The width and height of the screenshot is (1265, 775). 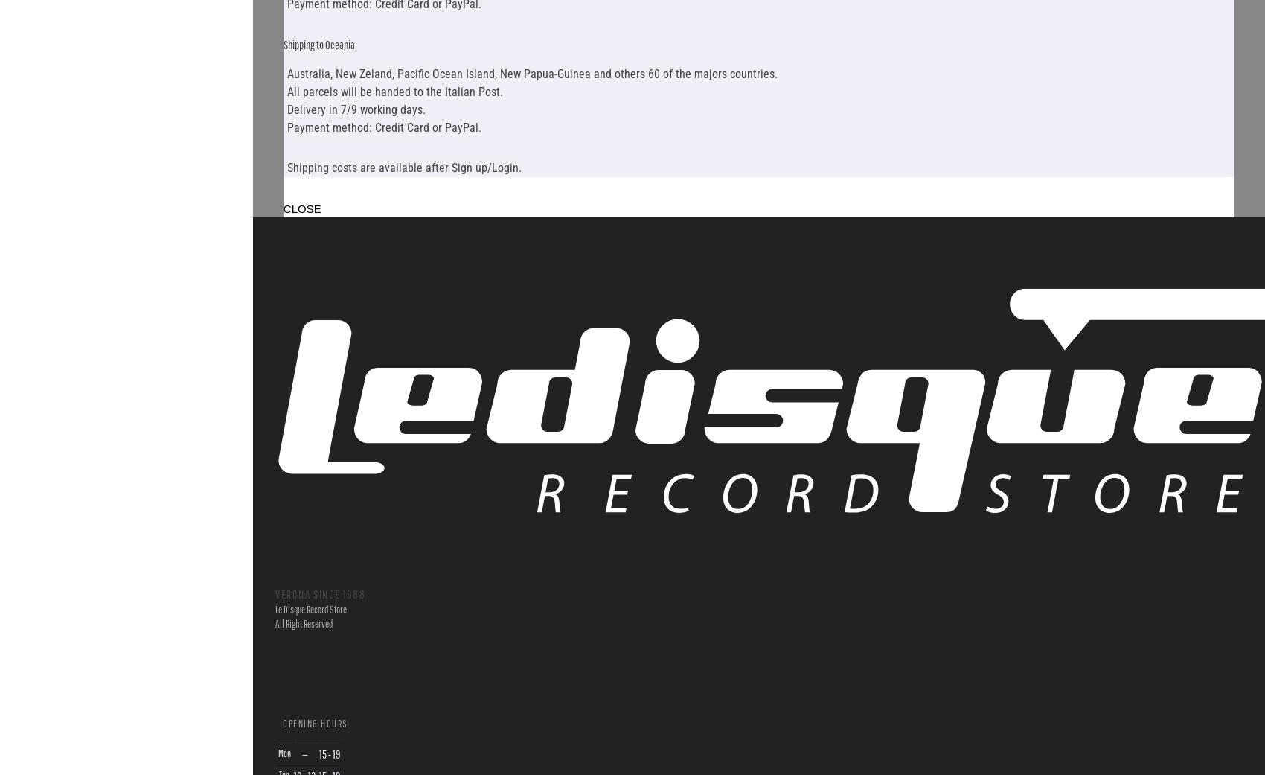 I want to click on 'Shipping costs are available after Sign up/Login.', so click(x=403, y=166).